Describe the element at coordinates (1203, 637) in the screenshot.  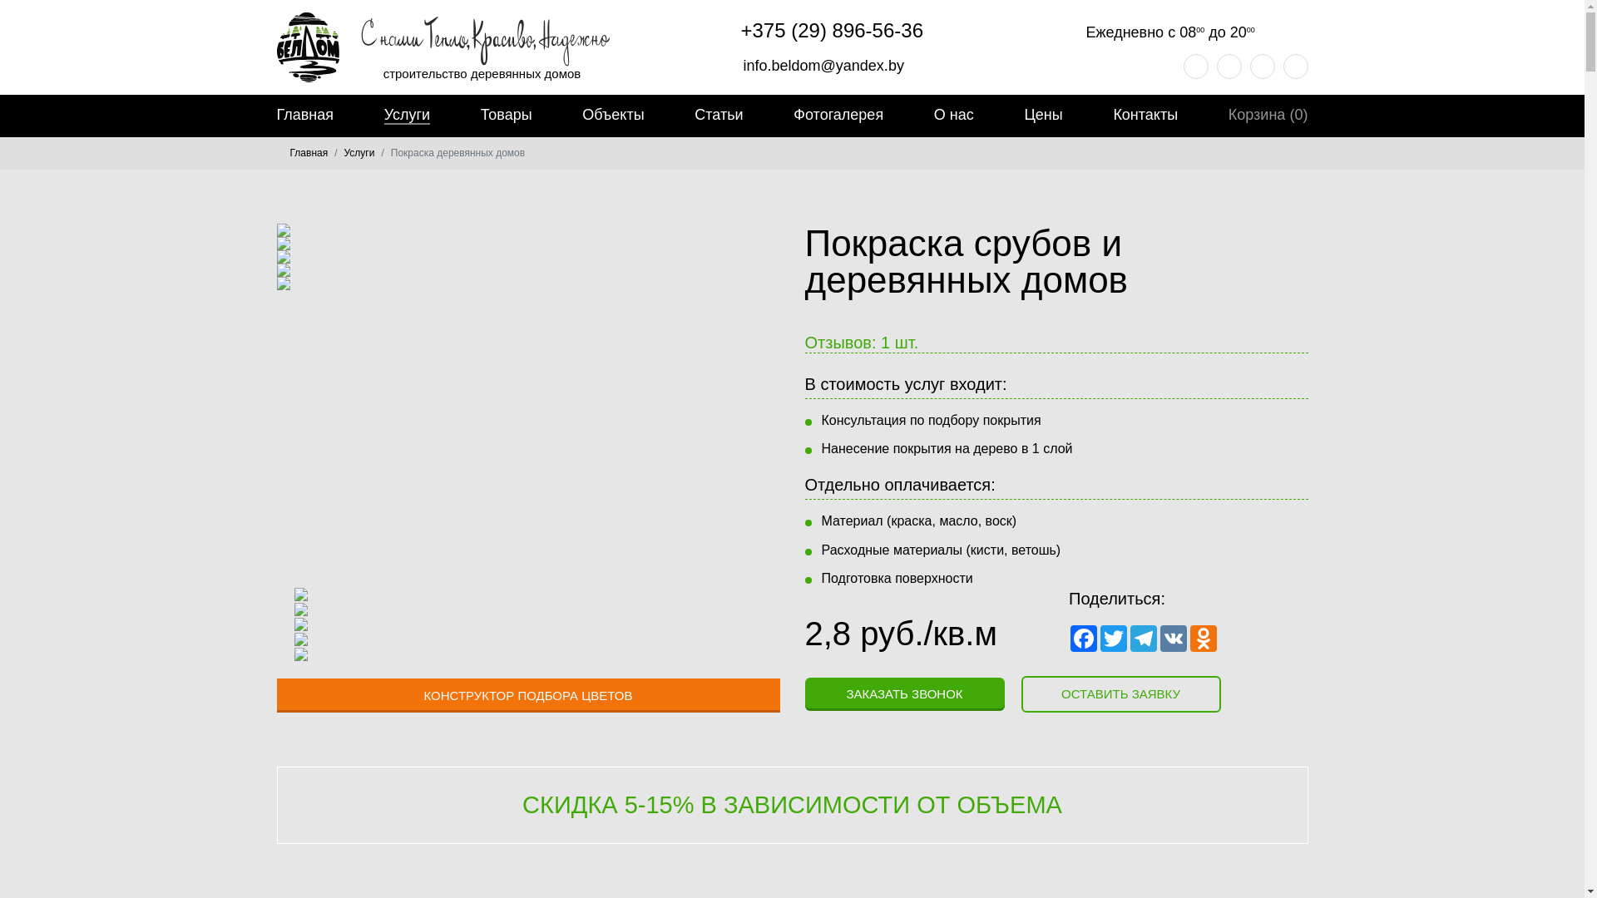
I see `'Odnoklassniki'` at that location.